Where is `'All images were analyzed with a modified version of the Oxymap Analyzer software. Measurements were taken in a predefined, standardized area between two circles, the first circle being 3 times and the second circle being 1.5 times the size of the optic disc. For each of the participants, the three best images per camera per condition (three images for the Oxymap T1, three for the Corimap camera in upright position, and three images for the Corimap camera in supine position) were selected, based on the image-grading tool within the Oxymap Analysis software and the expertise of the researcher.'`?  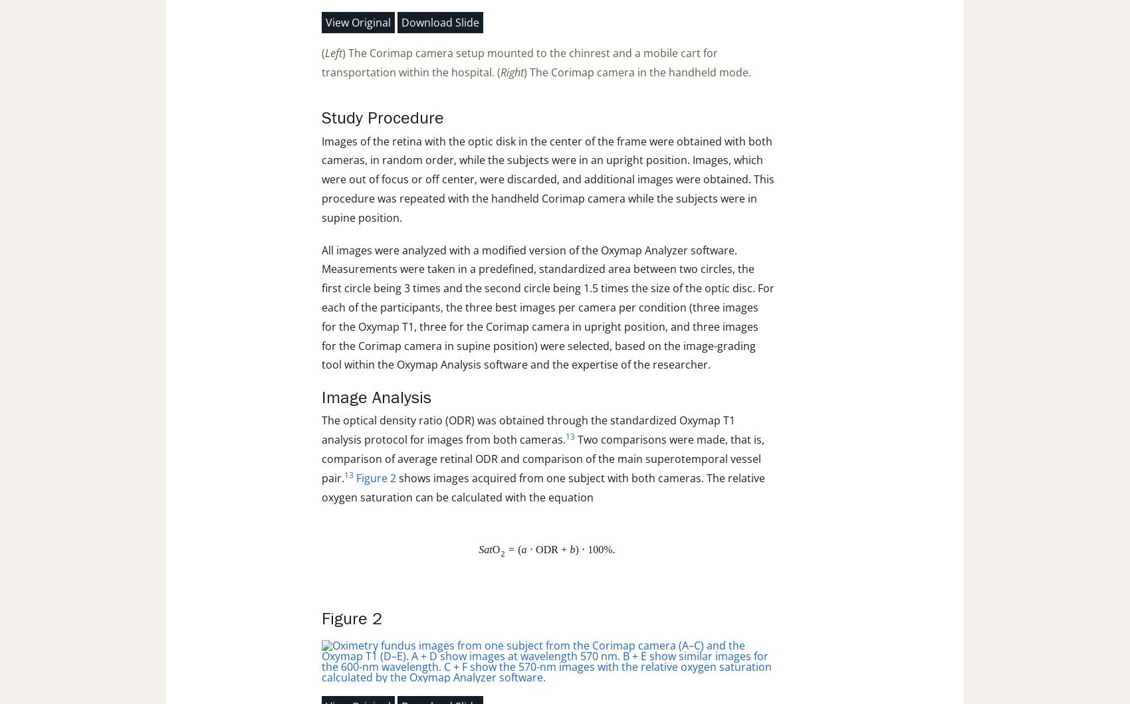 'All images were analyzed with a modified version of the Oxymap Analyzer software. Measurements were taken in a predefined, standardized area between two circles, the first circle being 3 times and the second circle being 1.5 times the size of the optic disc. For each of the participants, the three best images per camera per condition (three images for the Oxymap T1, three for the Corimap camera in upright position, and three images for the Corimap camera in supine position) were selected, based on the image-grading tool within the Oxymap Analysis software and the expertise of the researcher.' is located at coordinates (321, 306).